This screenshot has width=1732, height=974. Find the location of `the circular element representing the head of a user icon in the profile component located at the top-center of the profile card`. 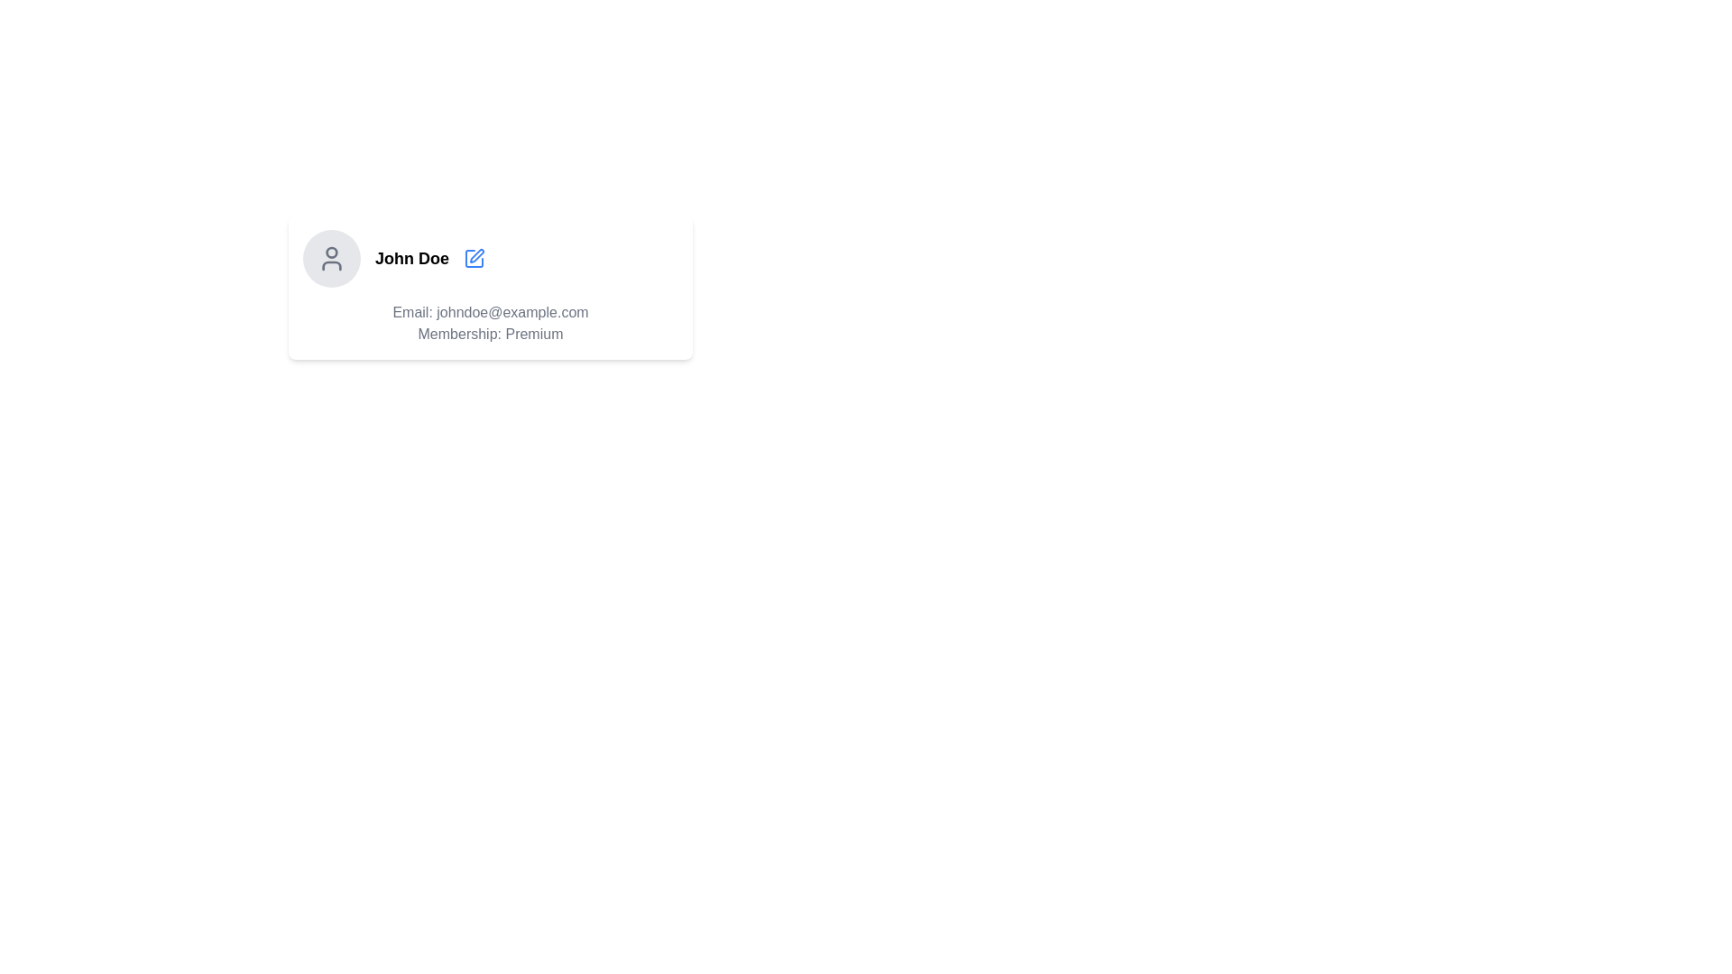

the circular element representing the head of a user icon in the profile component located at the top-center of the profile card is located at coordinates (332, 253).